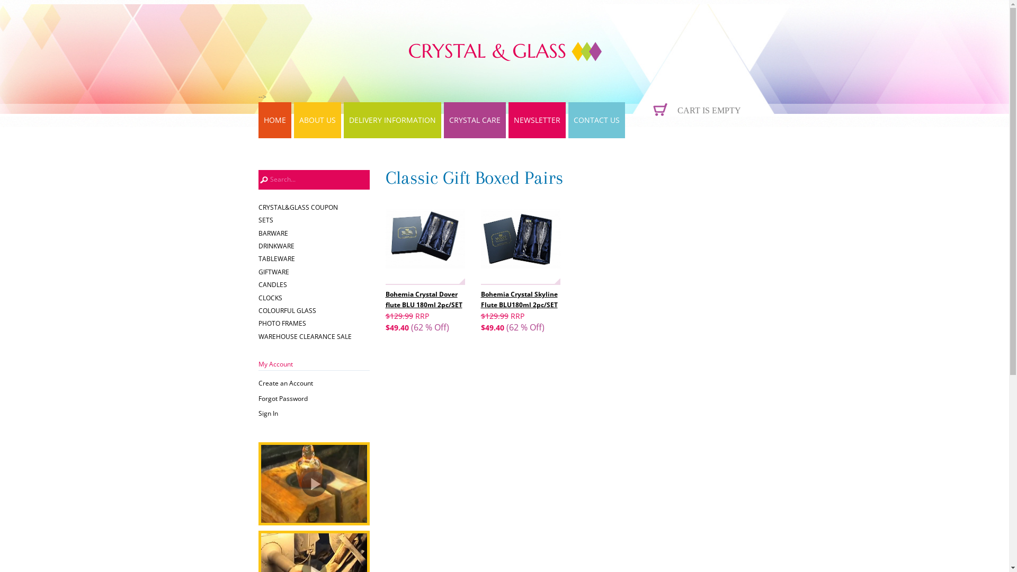  I want to click on 'CRYSTAL CARE', so click(474, 120).